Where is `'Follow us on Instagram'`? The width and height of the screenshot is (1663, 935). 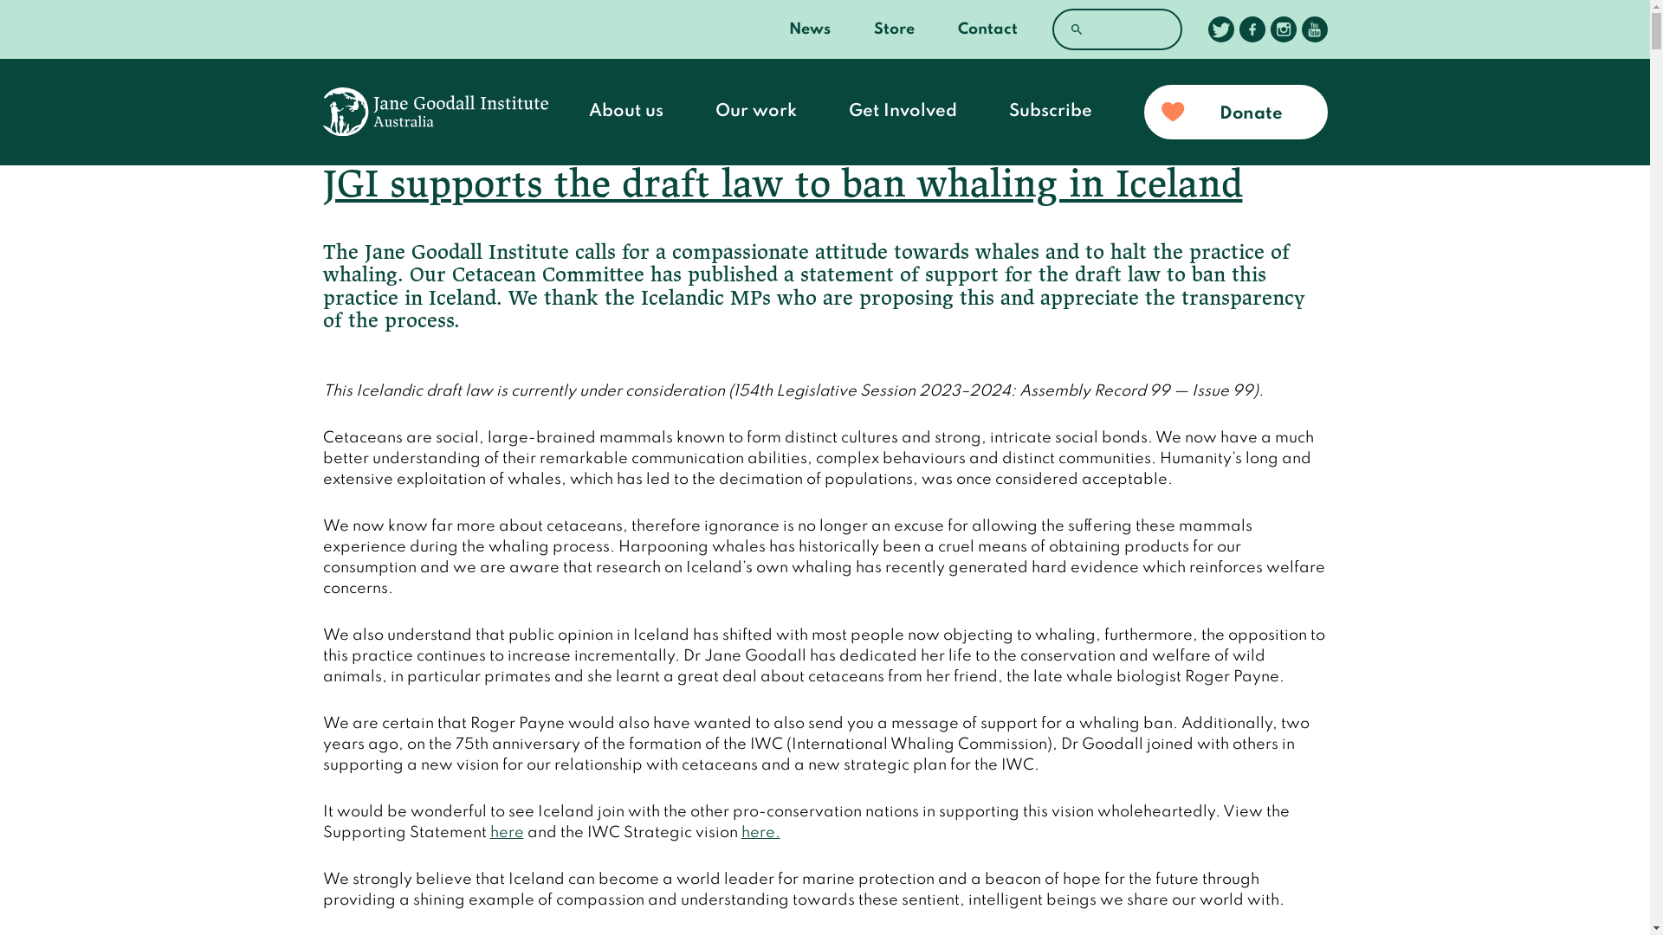
'Follow us on Instagram' is located at coordinates (1269, 29).